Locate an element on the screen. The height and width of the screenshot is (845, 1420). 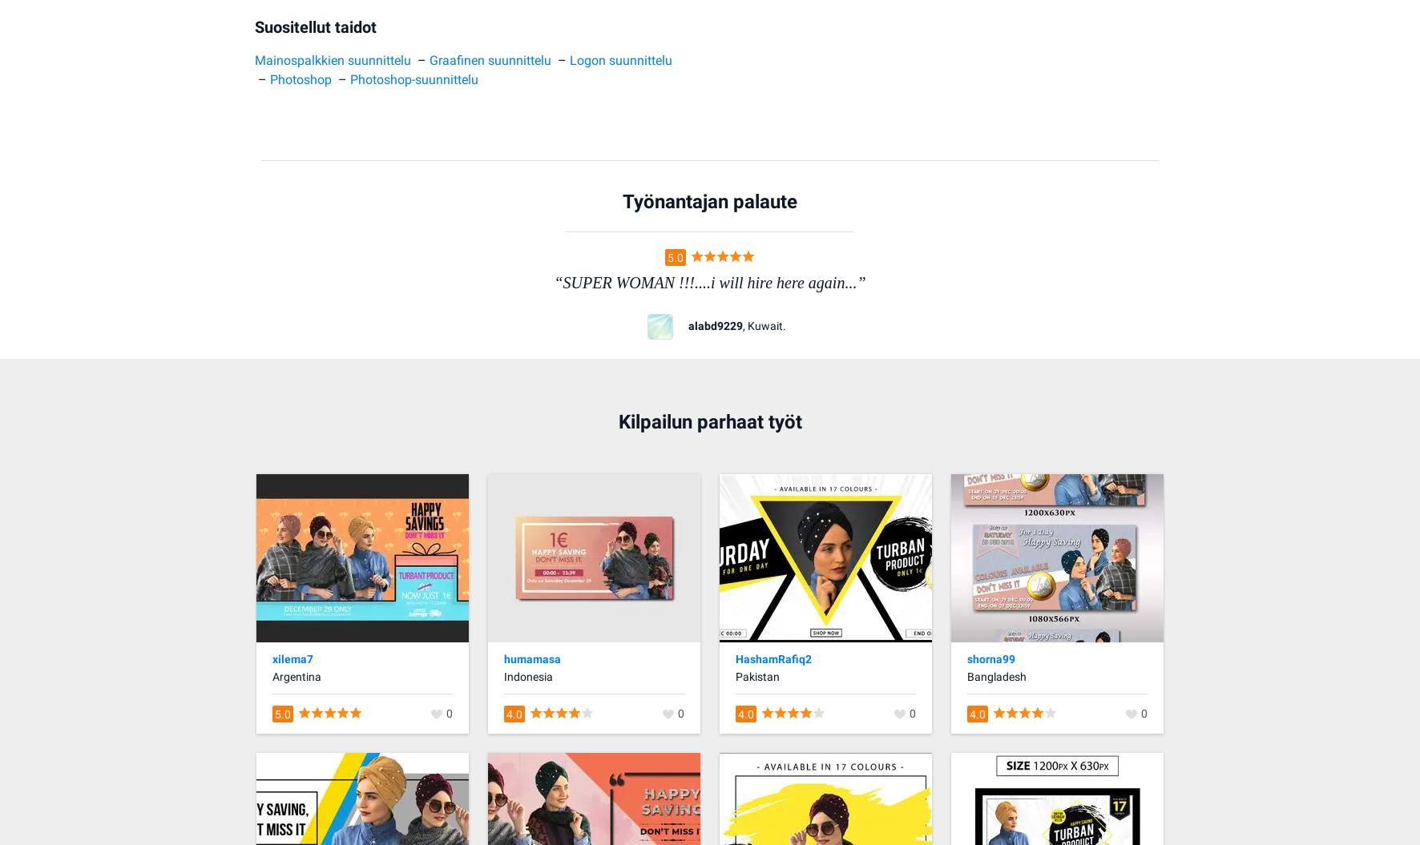
'alabd9229' is located at coordinates (714, 324).